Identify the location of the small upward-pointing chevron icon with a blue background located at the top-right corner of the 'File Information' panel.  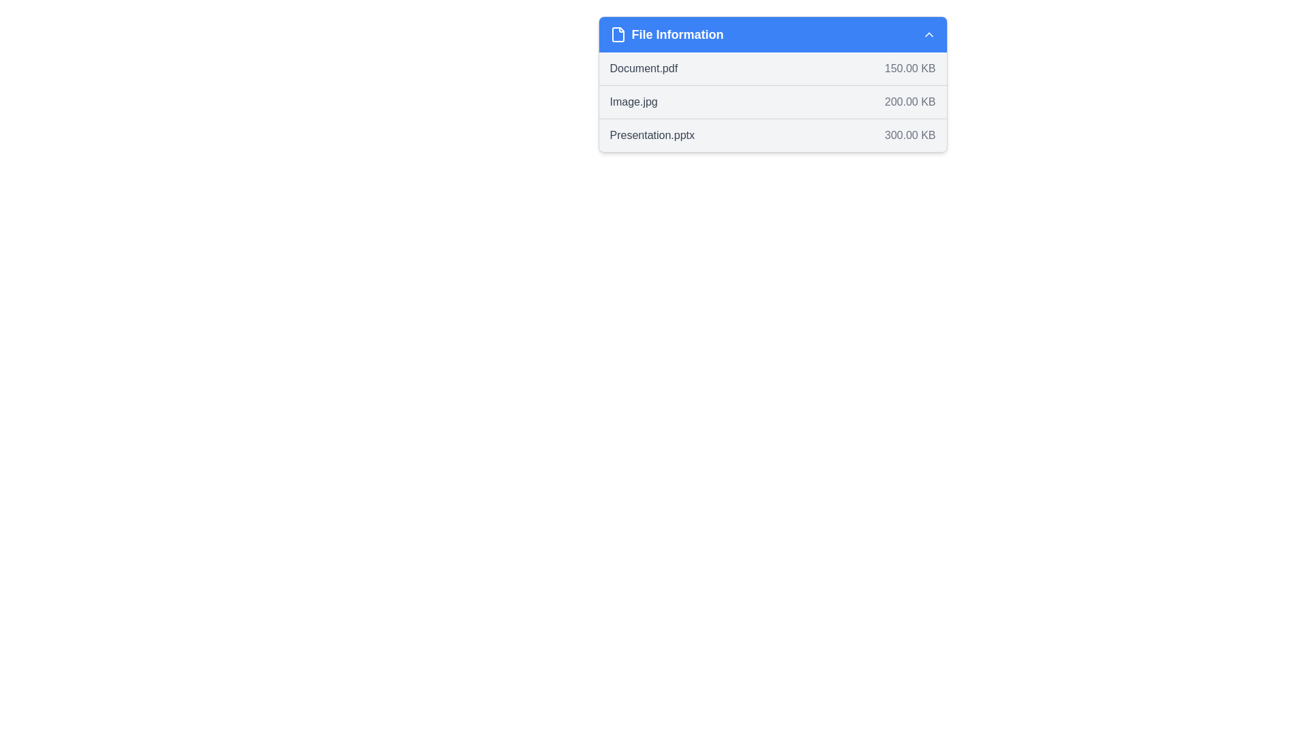
(928, 33).